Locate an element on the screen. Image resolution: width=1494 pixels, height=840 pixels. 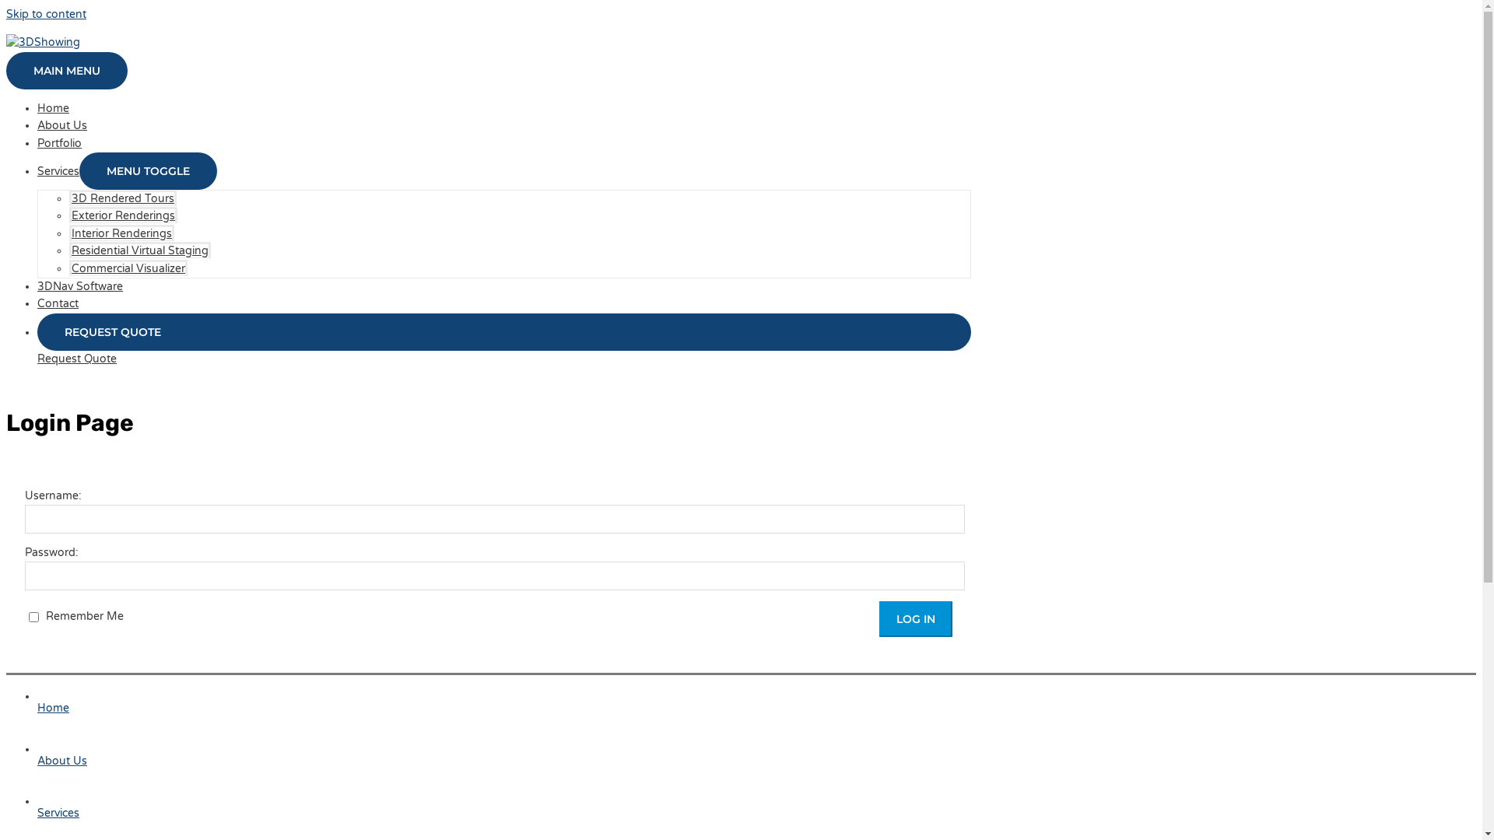
'Home' is located at coordinates (53, 107).